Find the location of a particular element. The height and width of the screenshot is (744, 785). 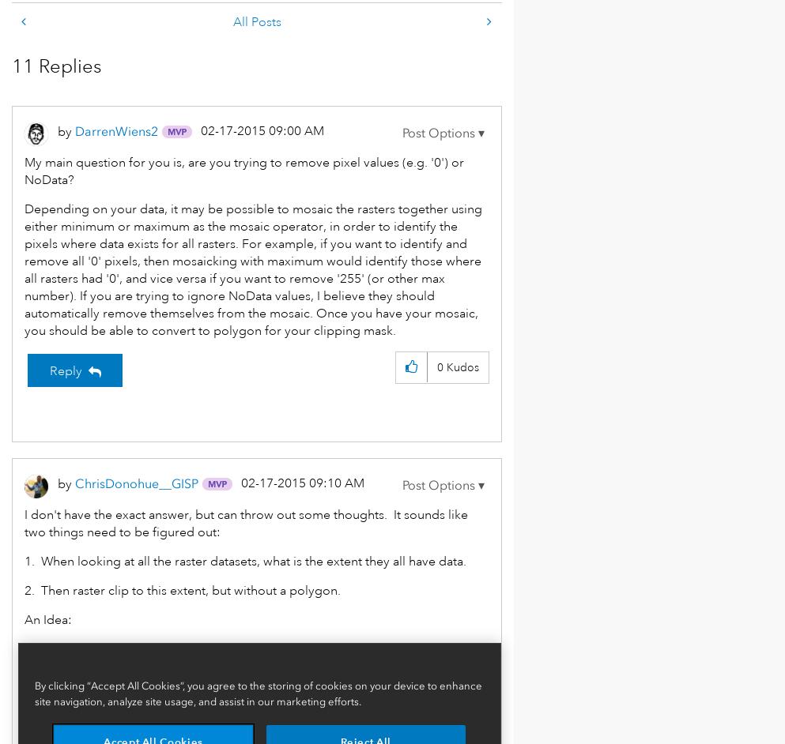

'1.  When looking at all the raster datasets, what is the extent they all have data.' is located at coordinates (244, 561).